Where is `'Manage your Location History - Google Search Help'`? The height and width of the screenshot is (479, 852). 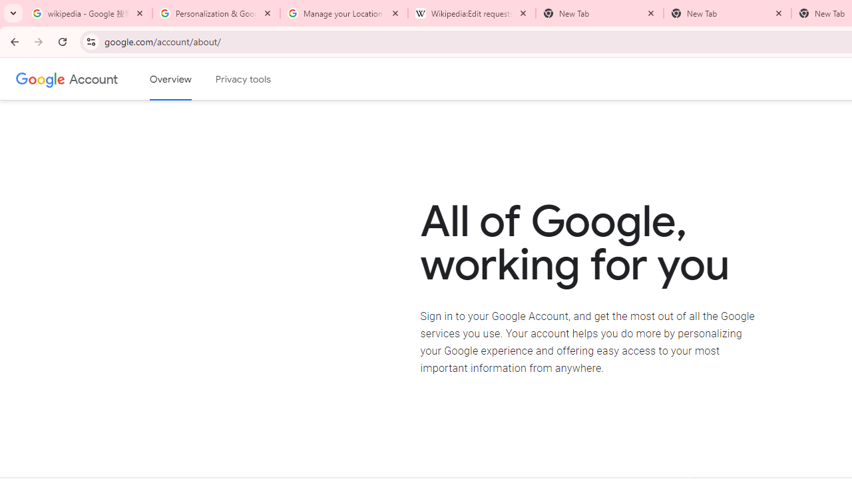
'Manage your Location History - Google Search Help' is located at coordinates (344, 13).